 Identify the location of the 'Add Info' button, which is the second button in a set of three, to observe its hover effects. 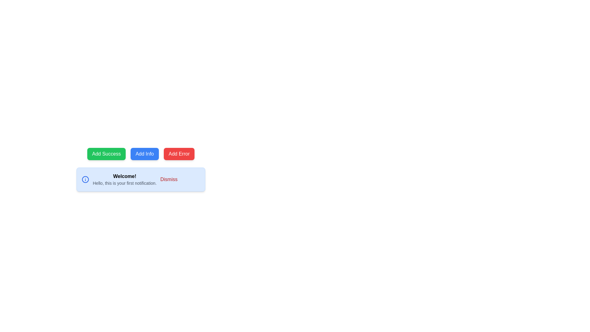
(144, 154).